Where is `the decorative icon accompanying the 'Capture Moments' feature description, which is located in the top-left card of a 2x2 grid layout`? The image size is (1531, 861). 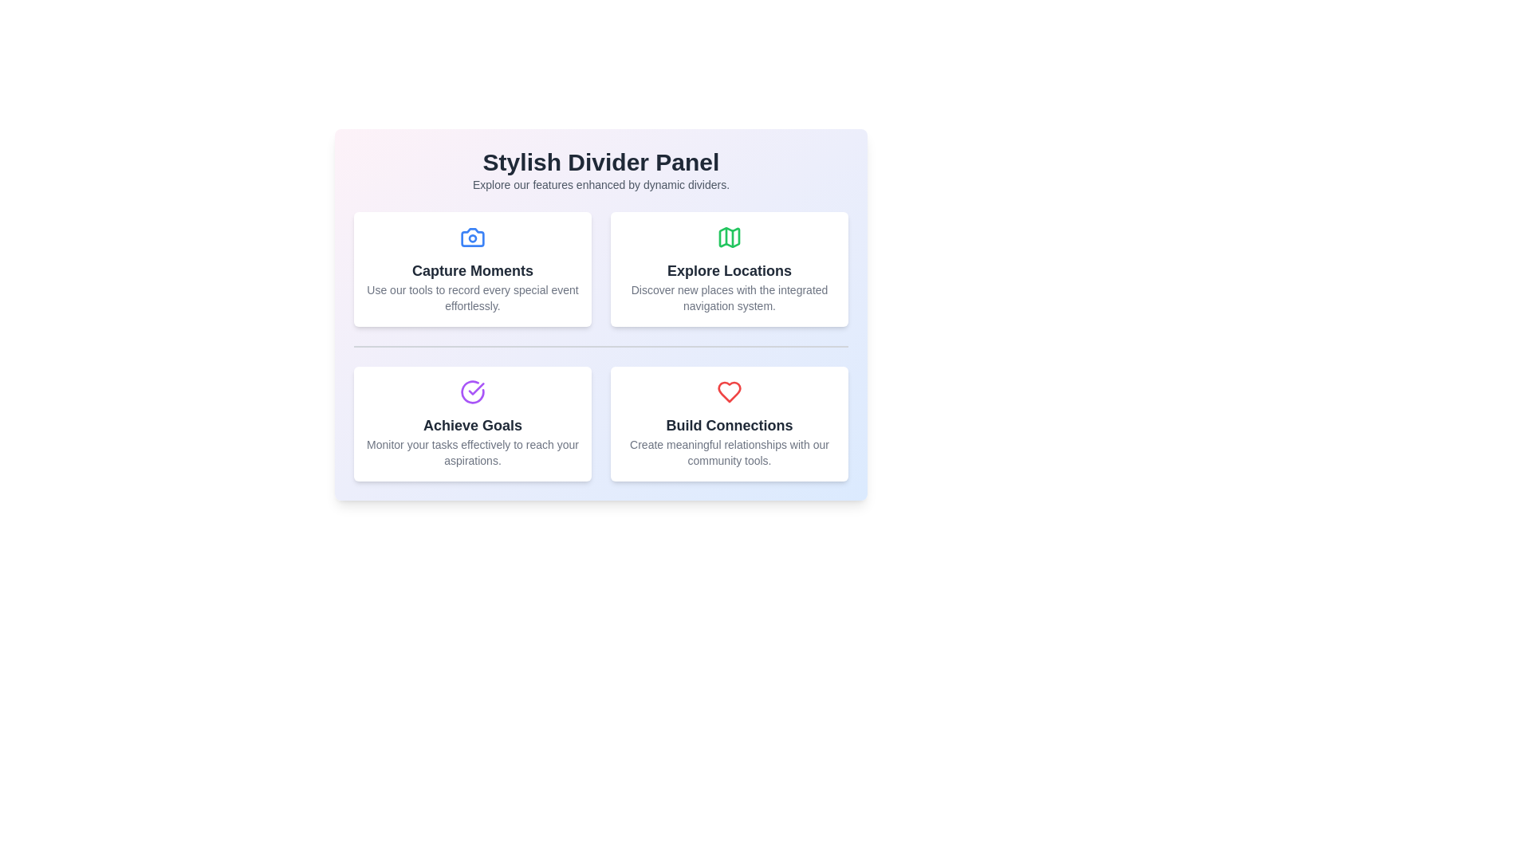
the decorative icon accompanying the 'Capture Moments' feature description, which is located in the top-left card of a 2x2 grid layout is located at coordinates (472, 237).